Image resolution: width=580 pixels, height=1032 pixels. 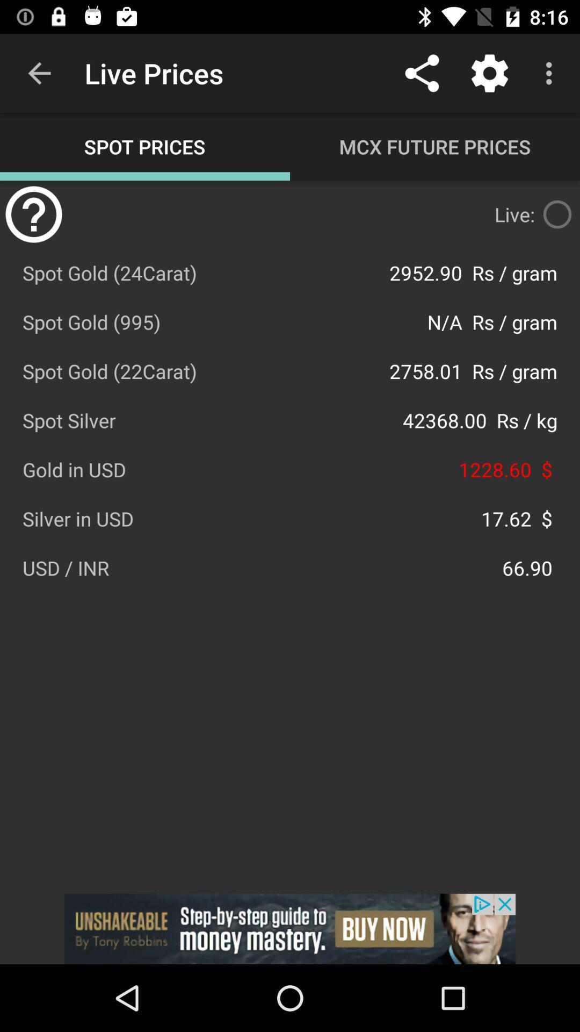 What do you see at coordinates (290, 928) in the screenshot?
I see `advertisement bar` at bounding box center [290, 928].